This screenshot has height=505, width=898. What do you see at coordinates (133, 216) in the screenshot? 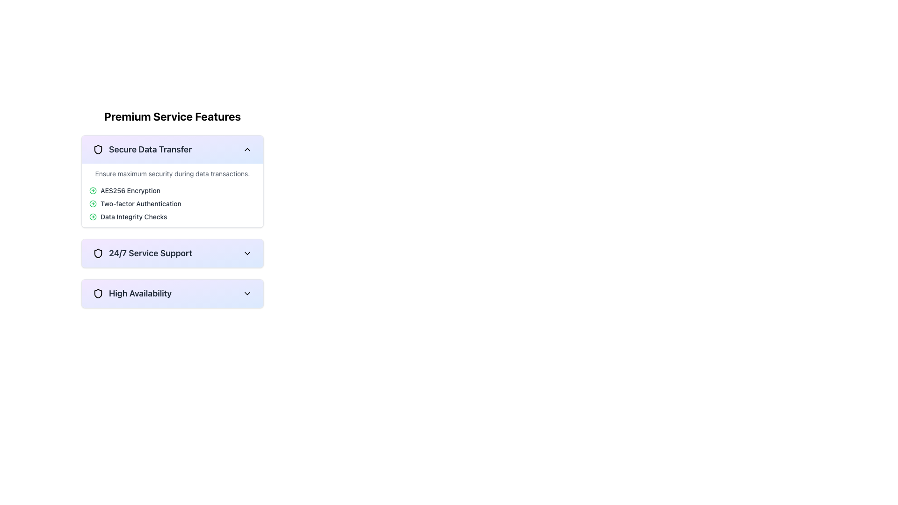
I see `the text label that reads 'Data Integrity Checks', which is styled in medium-sized gray font and is the third item in the list under 'Secure Data Transfer'` at bounding box center [133, 216].